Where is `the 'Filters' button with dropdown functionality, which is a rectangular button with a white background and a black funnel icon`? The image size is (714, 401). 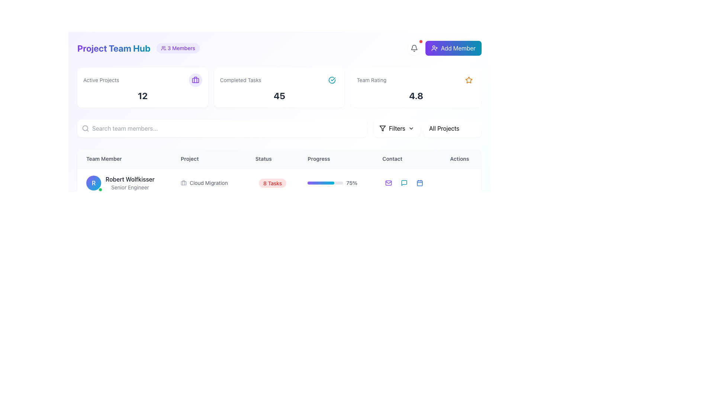
the 'Filters' button with dropdown functionality, which is a rectangular button with a white background and a black funnel icon is located at coordinates (396, 128).